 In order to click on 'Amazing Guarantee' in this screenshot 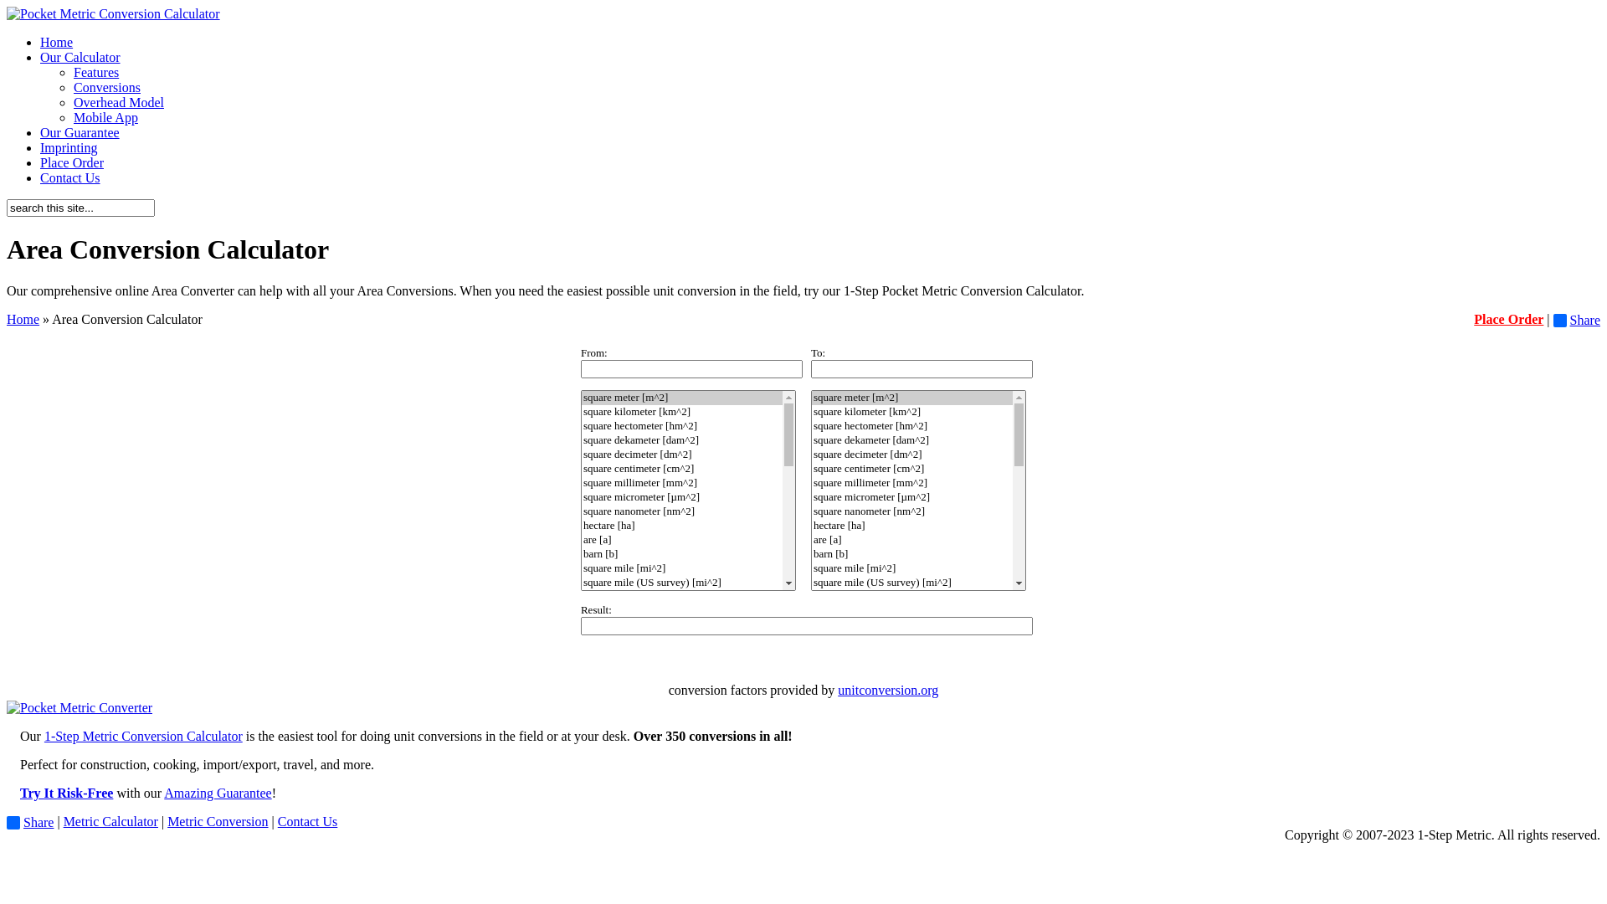, I will do `click(164, 792)`.